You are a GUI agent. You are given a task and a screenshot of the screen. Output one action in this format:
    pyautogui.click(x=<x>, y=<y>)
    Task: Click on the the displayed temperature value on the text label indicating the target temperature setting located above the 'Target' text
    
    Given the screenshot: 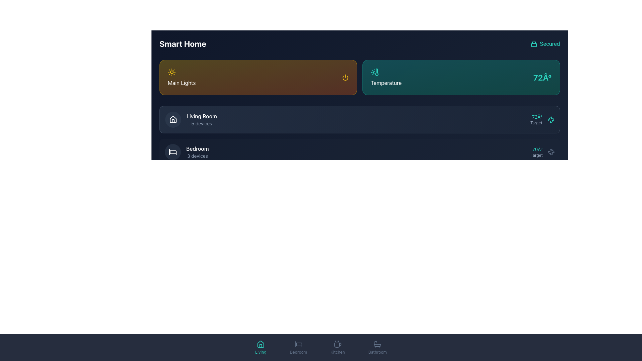 What is the action you would take?
    pyautogui.click(x=537, y=149)
    